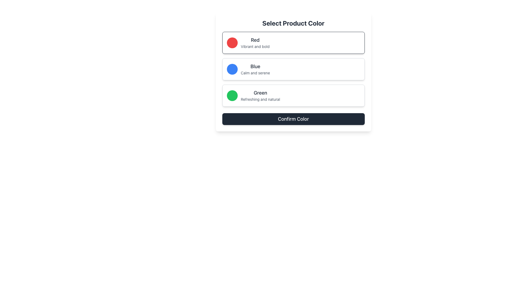  I want to click on text displayed in the Text Block that shows 'Blue' in a larger font and 'Calm and serene' in a smaller font, located in the second card of the color-selection group, so click(255, 69).